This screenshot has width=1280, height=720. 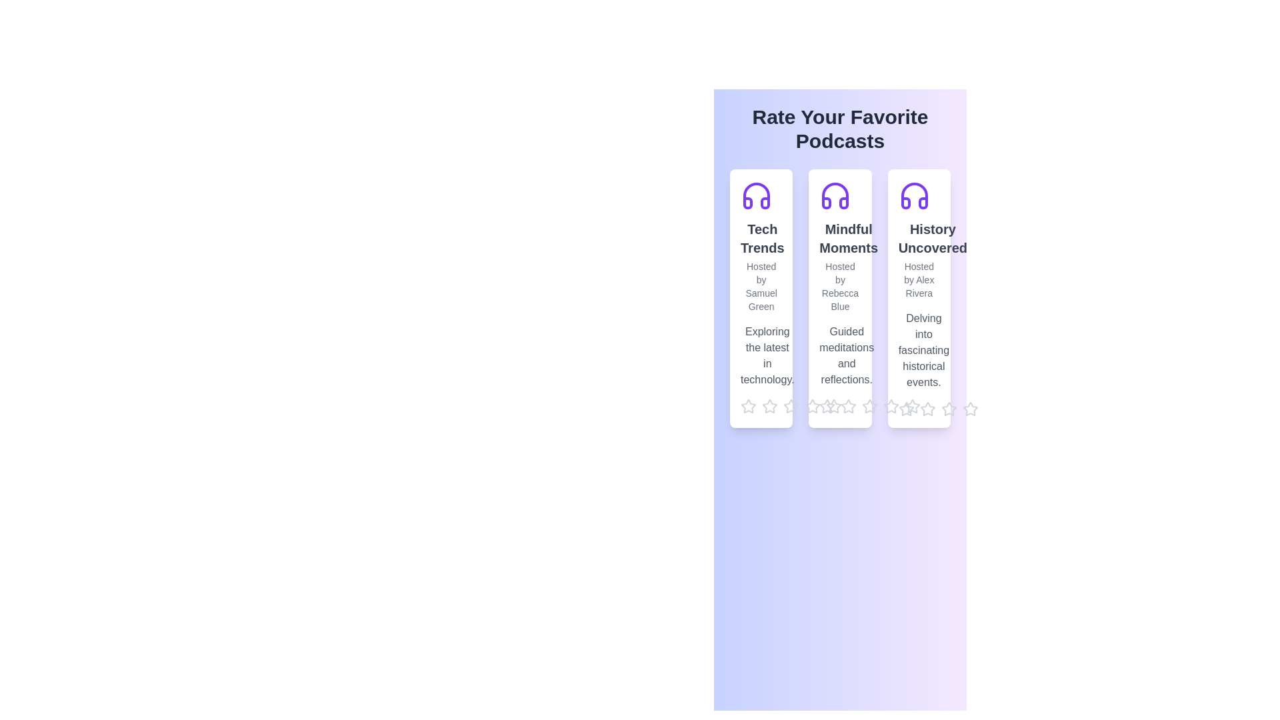 What do you see at coordinates (917, 297) in the screenshot?
I see `the podcast card titled History Uncovered` at bounding box center [917, 297].